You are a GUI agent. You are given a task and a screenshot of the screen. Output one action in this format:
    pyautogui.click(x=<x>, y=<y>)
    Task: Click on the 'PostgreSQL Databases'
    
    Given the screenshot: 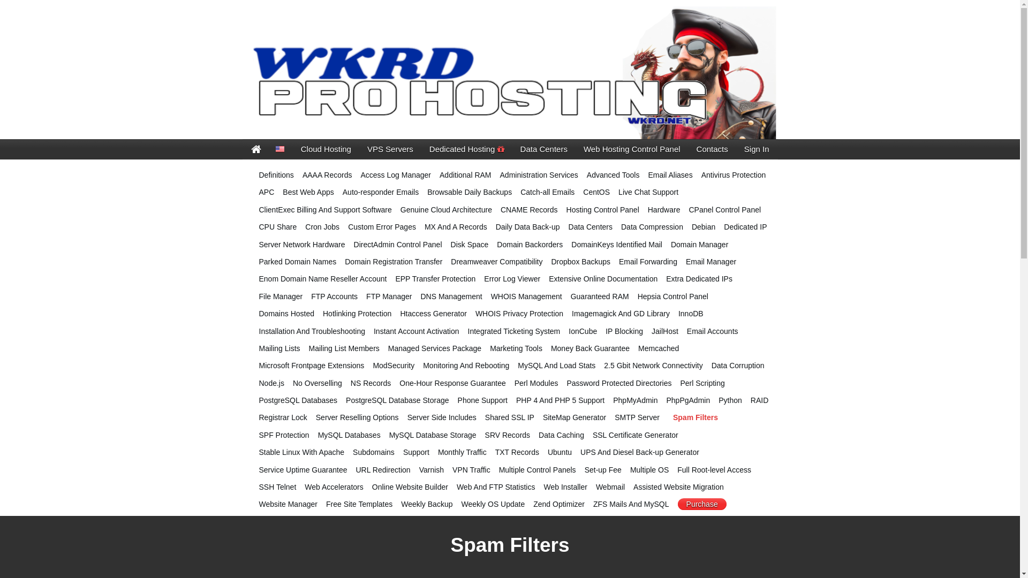 What is the action you would take?
    pyautogui.click(x=298, y=400)
    